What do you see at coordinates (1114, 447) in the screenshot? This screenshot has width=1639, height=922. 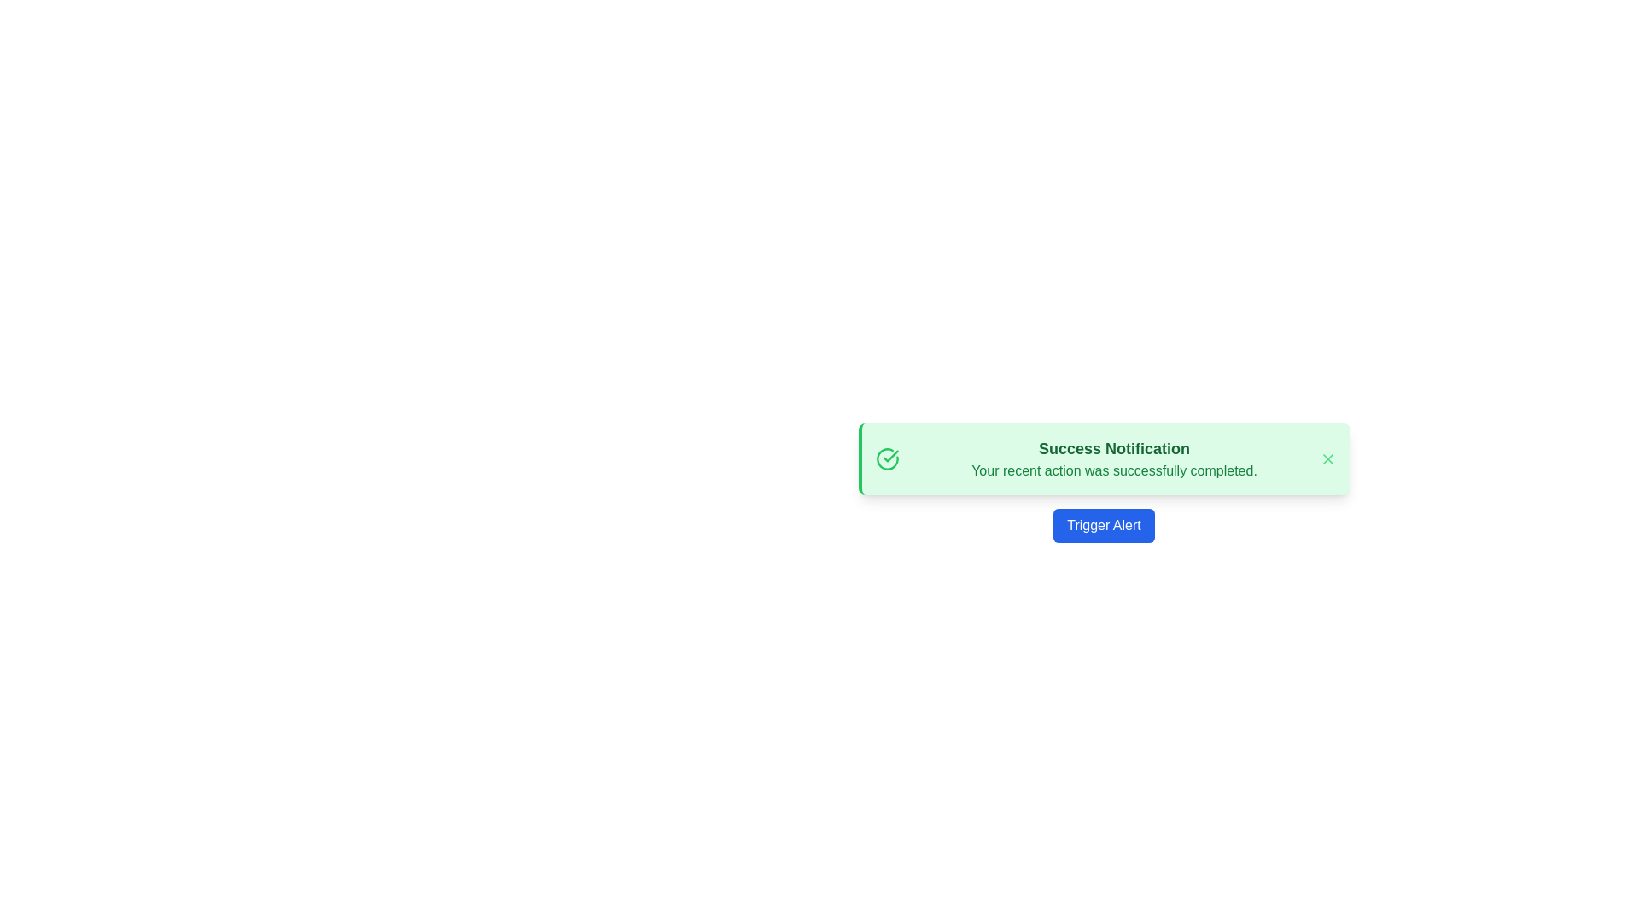 I see `title text of the notification, which is the primary text content positioned at the top of the notification box` at bounding box center [1114, 447].